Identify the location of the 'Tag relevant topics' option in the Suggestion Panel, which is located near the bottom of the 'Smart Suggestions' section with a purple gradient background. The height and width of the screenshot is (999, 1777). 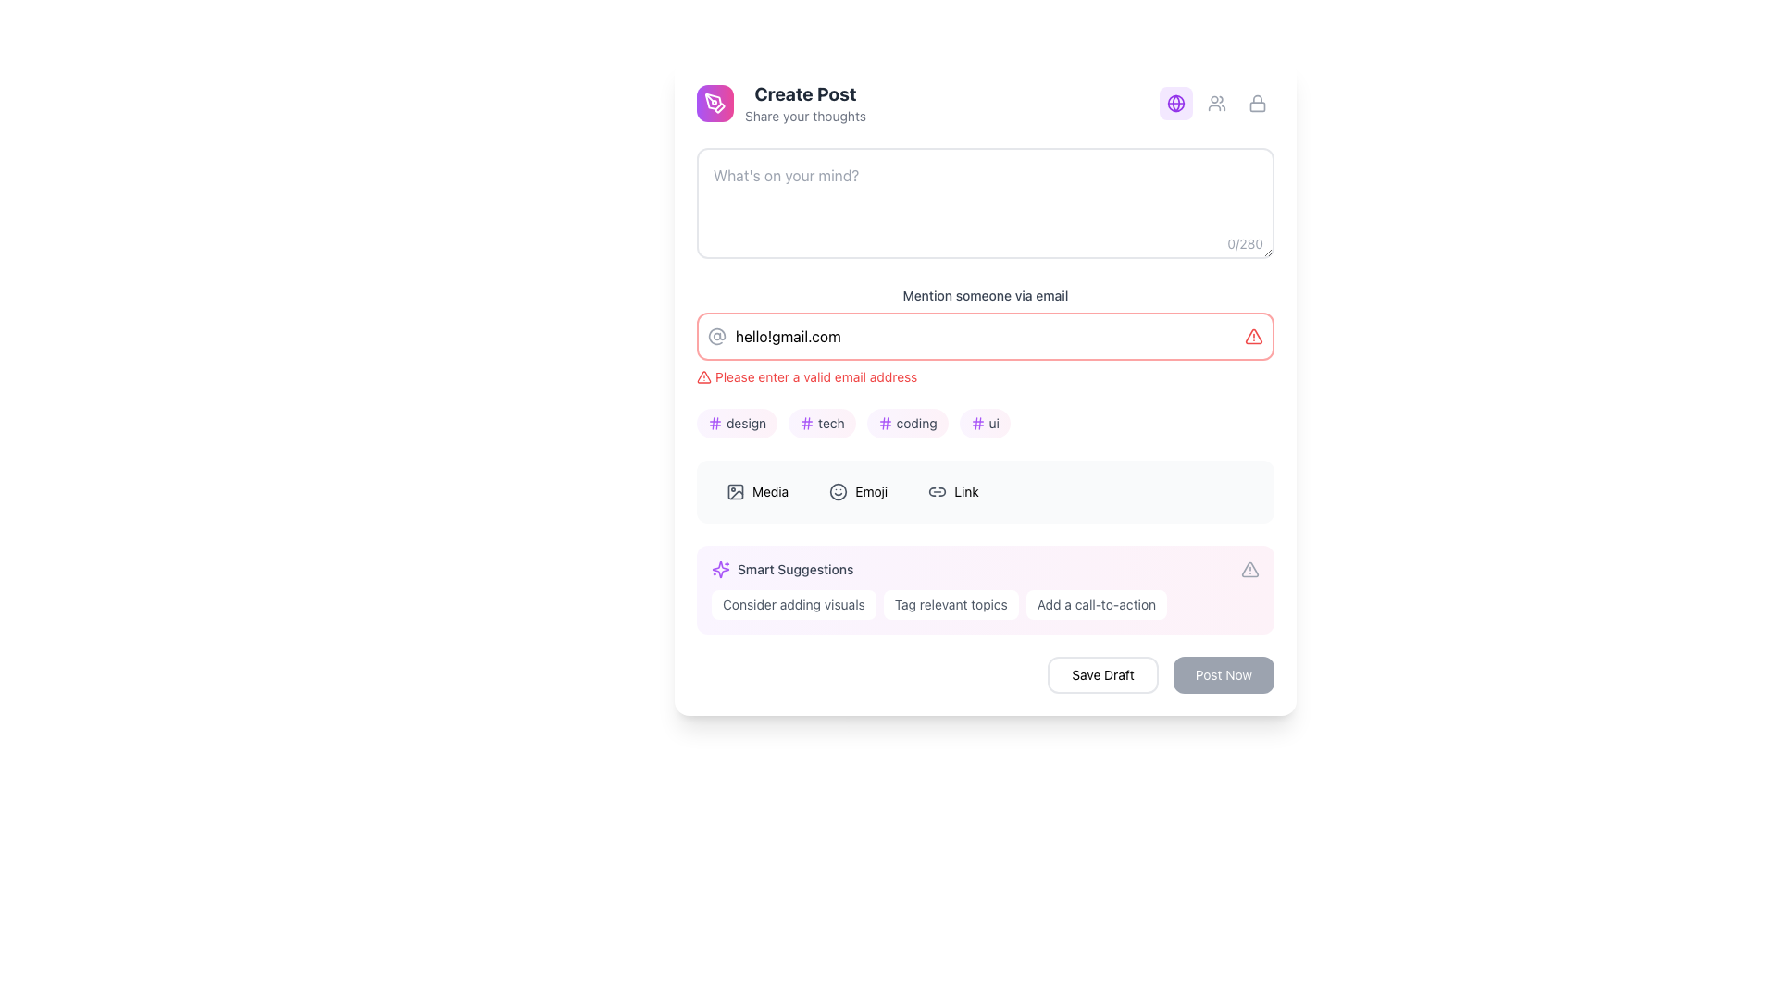
(985, 605).